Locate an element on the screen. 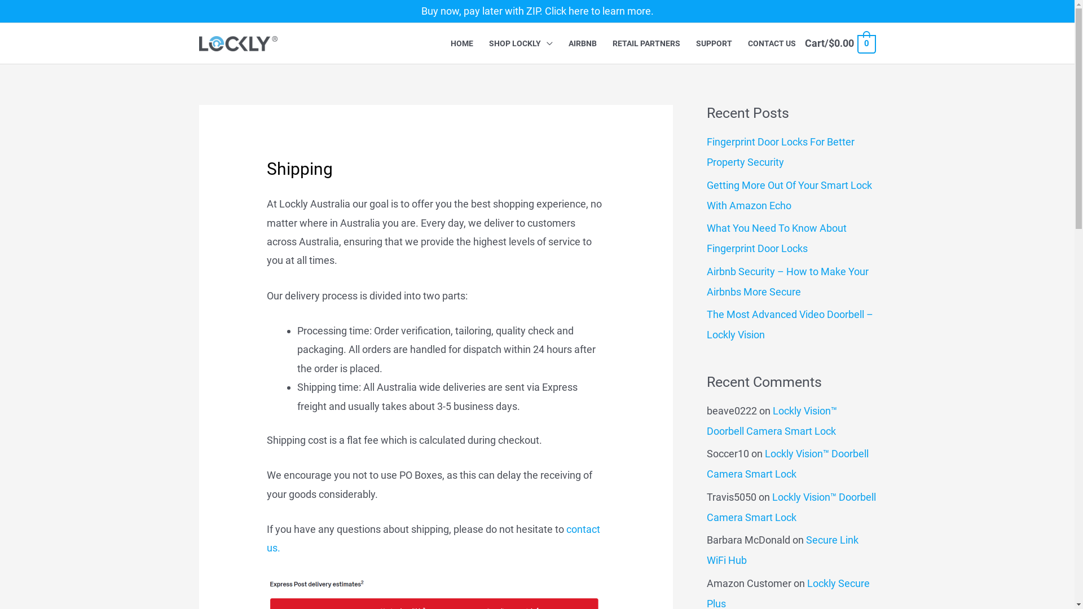 The height and width of the screenshot is (609, 1083). 'CONTACT US' is located at coordinates (771, 43).